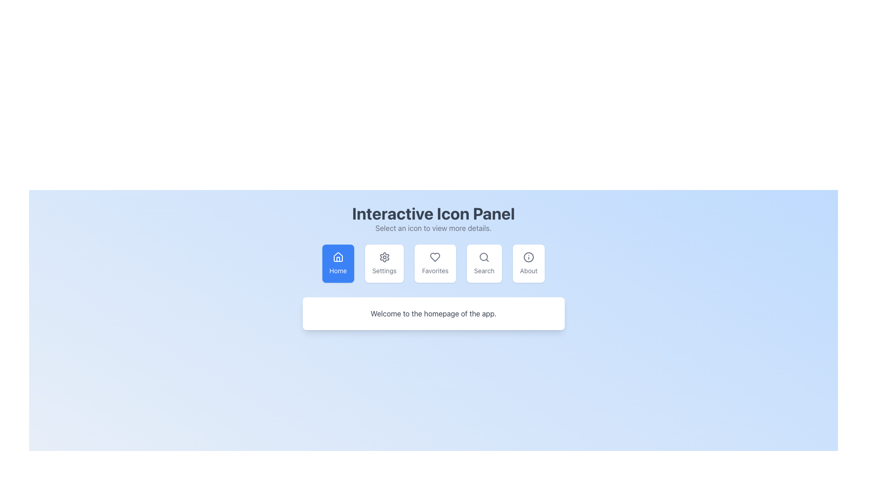 The image size is (873, 491). Describe the element at coordinates (384, 257) in the screenshot. I see `the gear-like settings icon located at the center of the second item from the left in the icon panel` at that location.